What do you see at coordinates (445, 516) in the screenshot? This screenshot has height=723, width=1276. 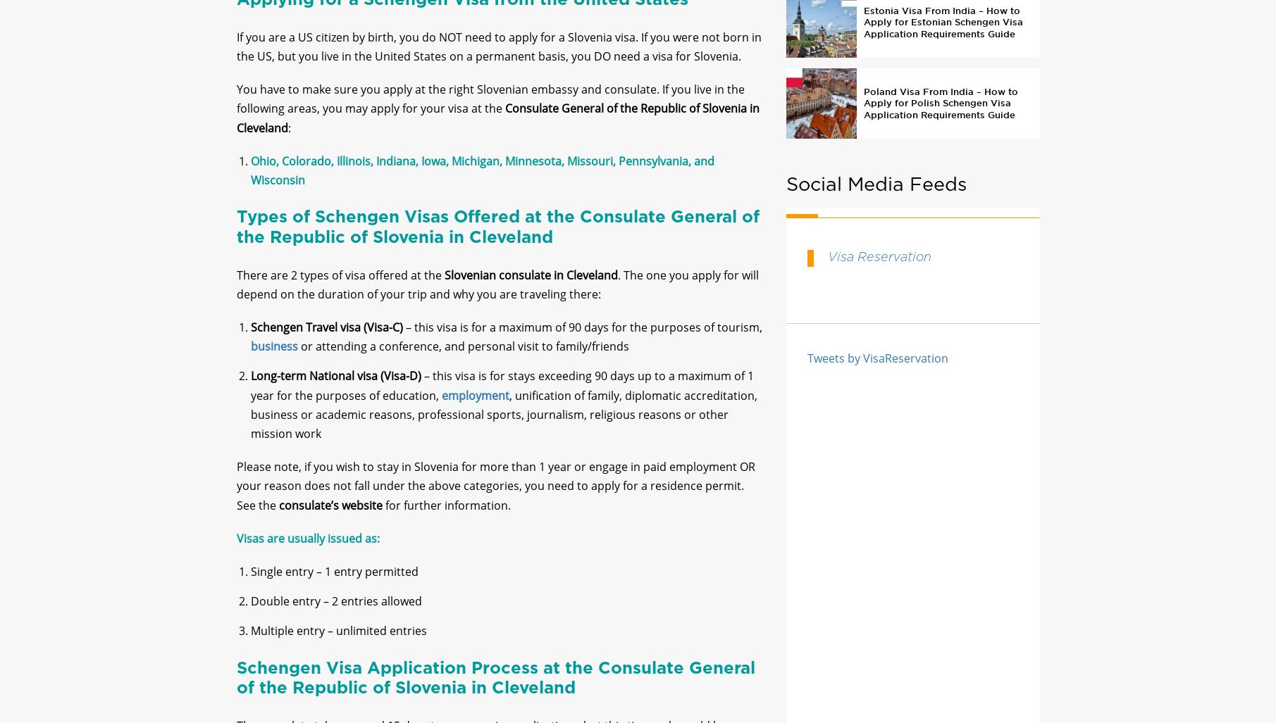 I see `'for further information.'` at bounding box center [445, 516].